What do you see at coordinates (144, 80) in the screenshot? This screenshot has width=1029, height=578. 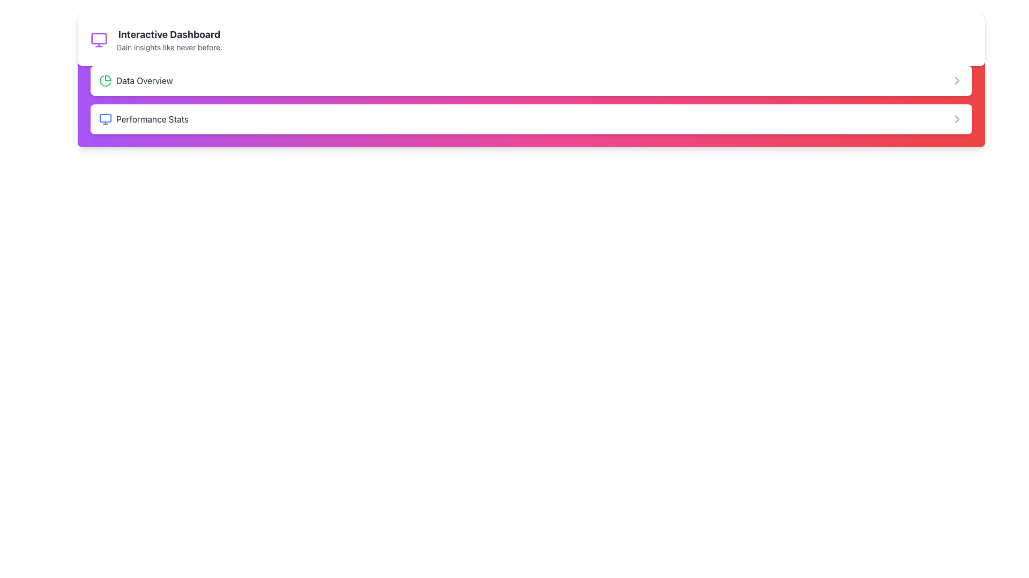 I see `the 'Data Overview' text label, which is styled in dark gray and positioned to the right of a green pie chart icon in the left portion of a content section` at bounding box center [144, 80].